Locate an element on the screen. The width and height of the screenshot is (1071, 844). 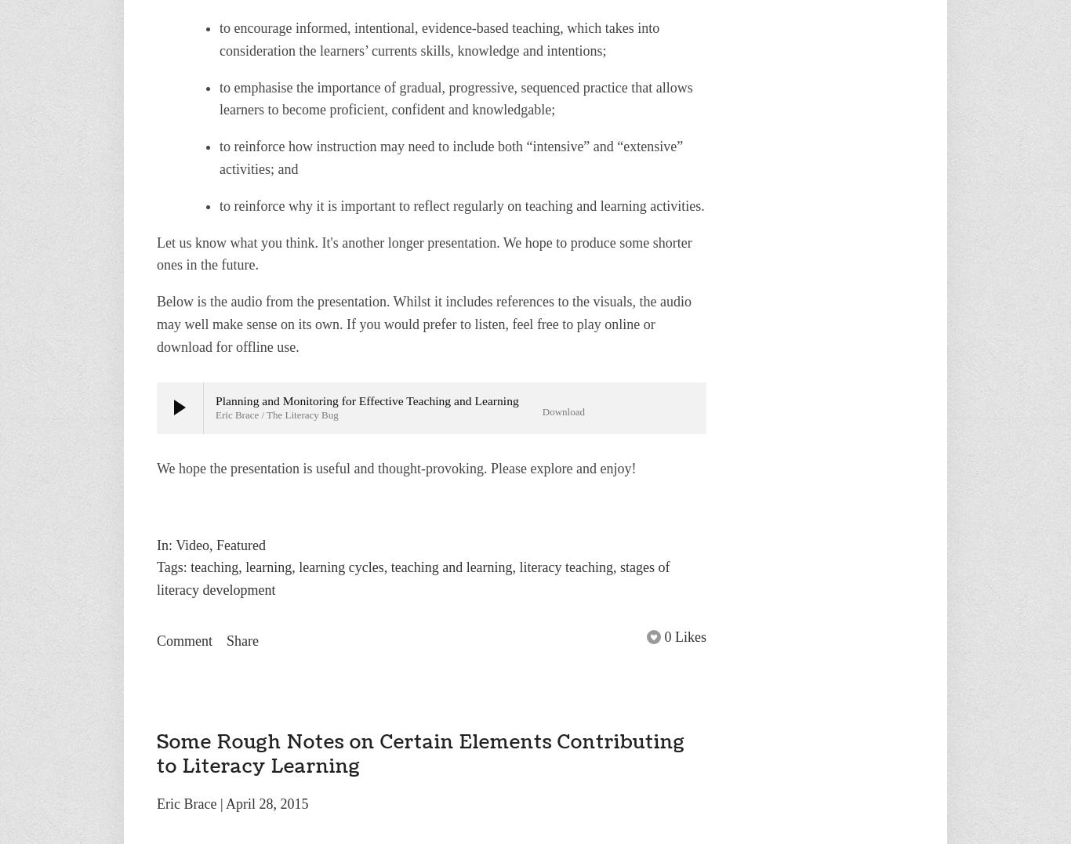
'Eric Brace' is located at coordinates (186, 802).